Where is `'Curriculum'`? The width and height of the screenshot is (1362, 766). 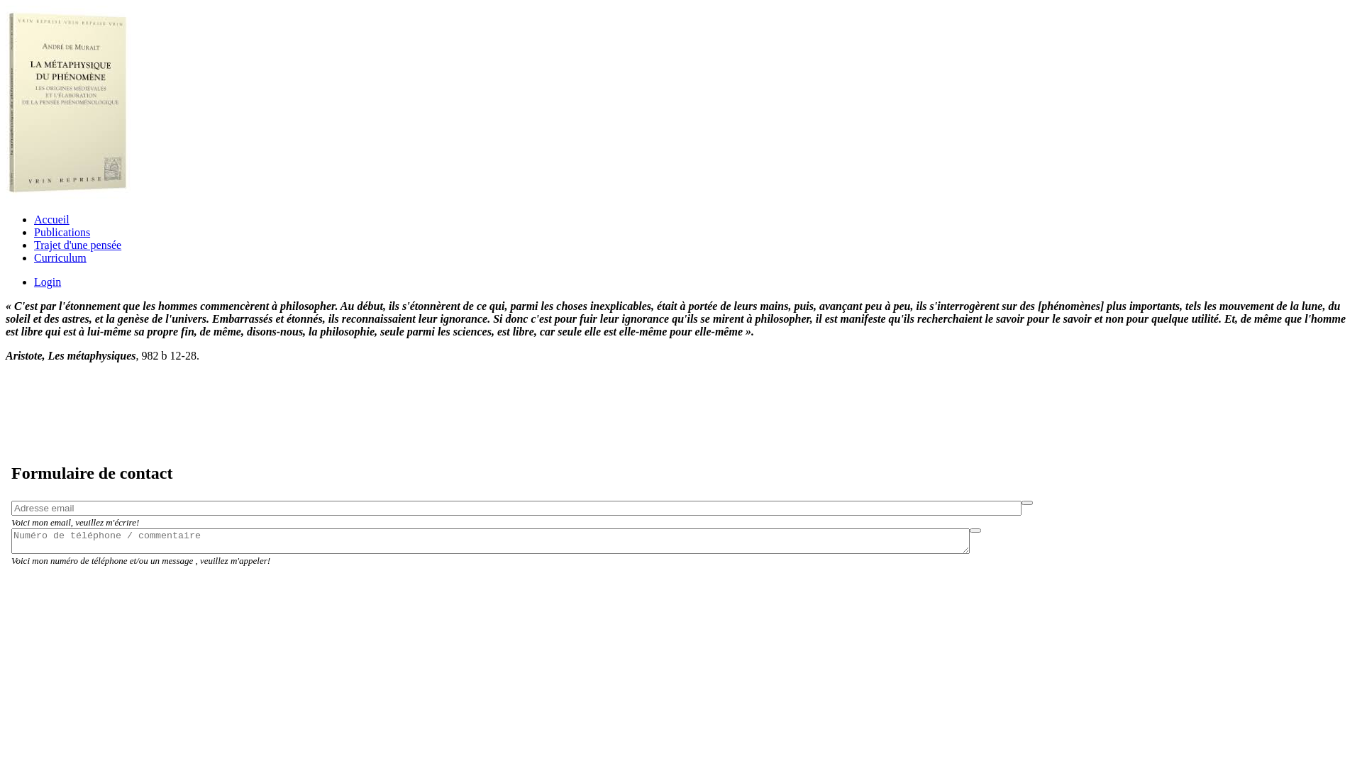
'Curriculum' is located at coordinates (60, 257).